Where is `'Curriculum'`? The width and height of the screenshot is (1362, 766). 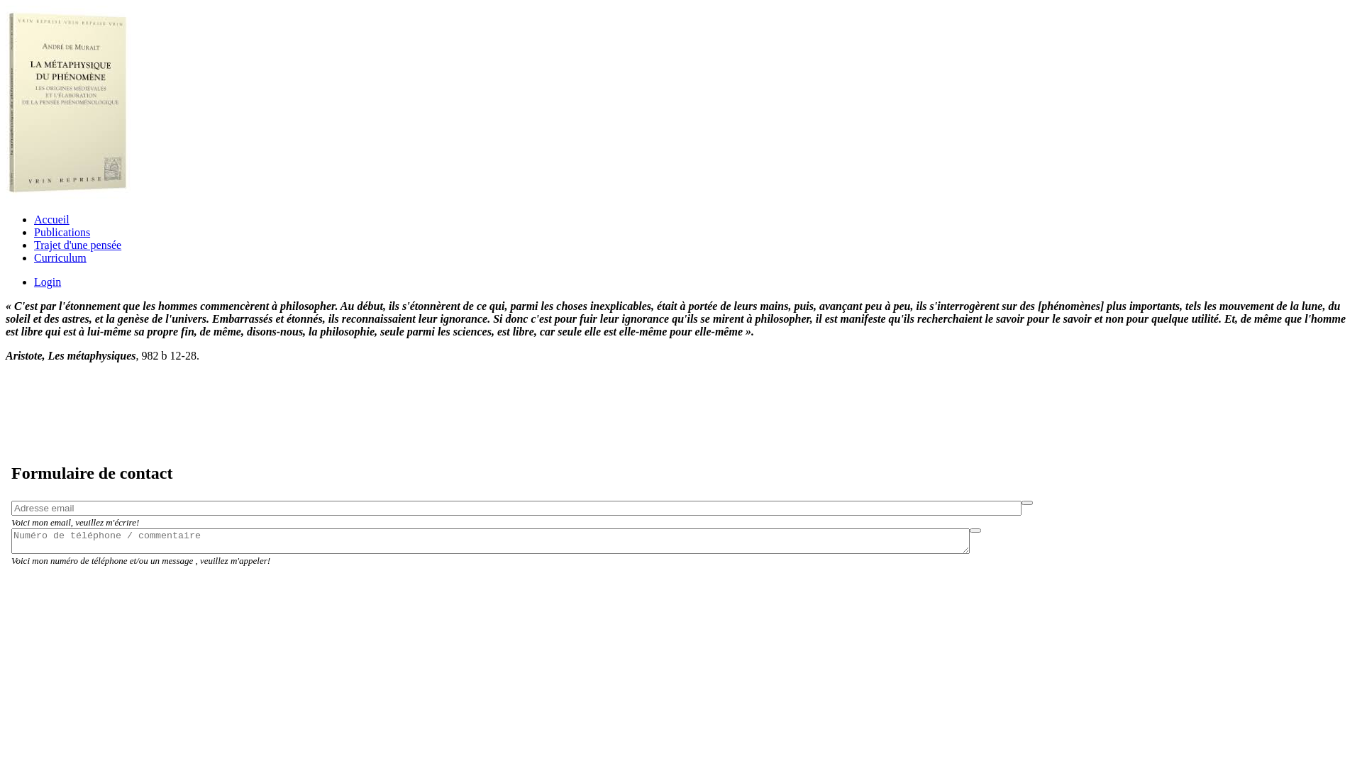
'Curriculum' is located at coordinates (60, 257).